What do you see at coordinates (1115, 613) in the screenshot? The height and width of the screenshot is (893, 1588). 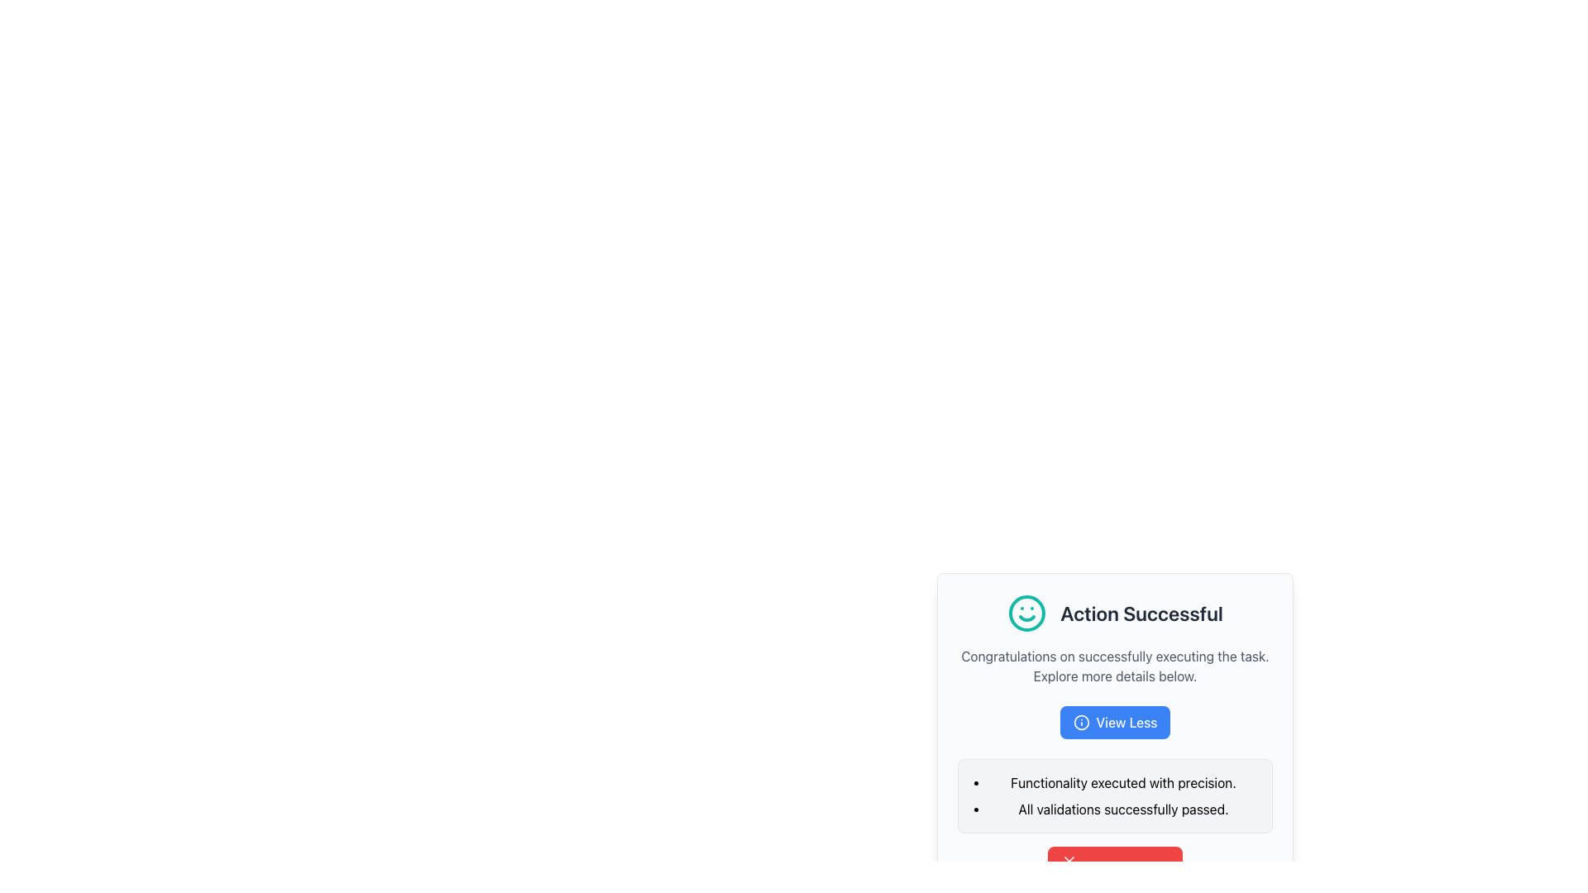 I see `the Notification header that indicates a successfully completed action, featuring a smiley icon and 'Action Successful' text` at bounding box center [1115, 613].